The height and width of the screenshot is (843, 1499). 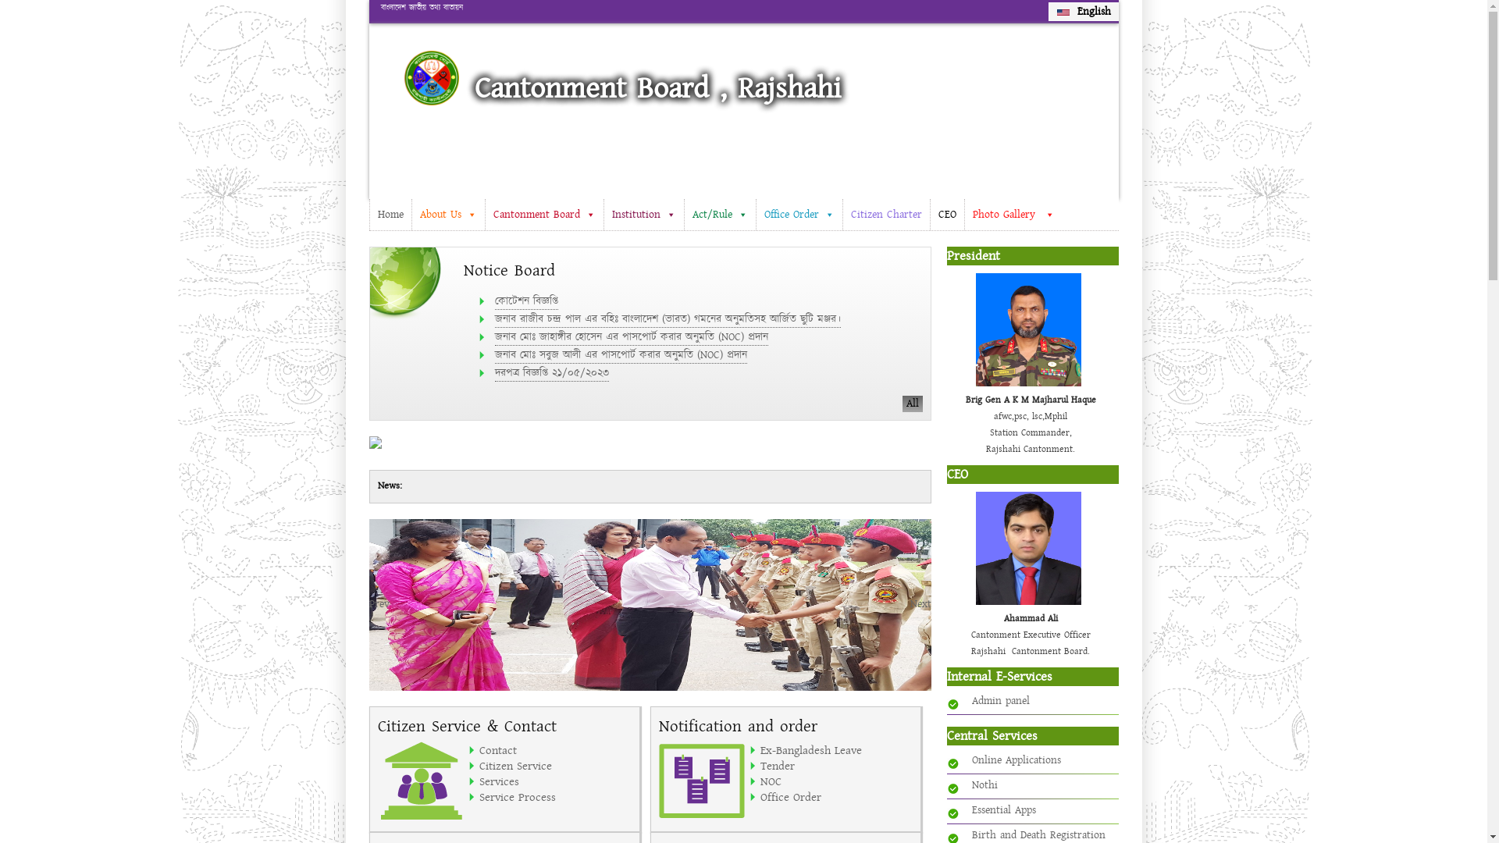 I want to click on 'Citizen Service', so click(x=555, y=764).